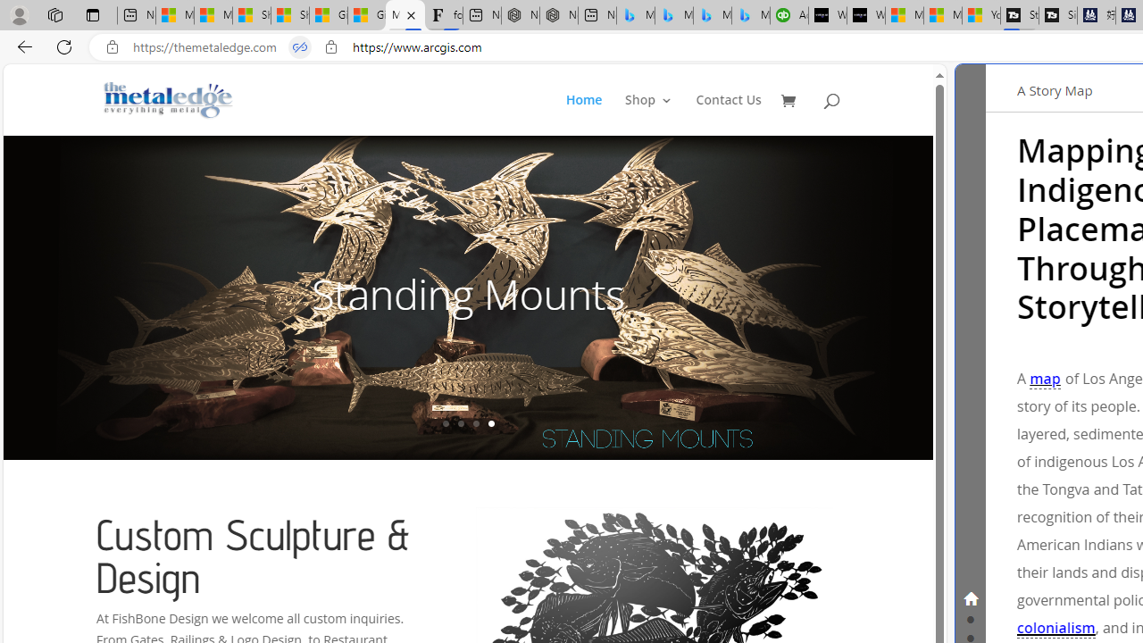 The width and height of the screenshot is (1143, 643). What do you see at coordinates (648, 114) in the screenshot?
I see `'Shop 3'` at bounding box center [648, 114].